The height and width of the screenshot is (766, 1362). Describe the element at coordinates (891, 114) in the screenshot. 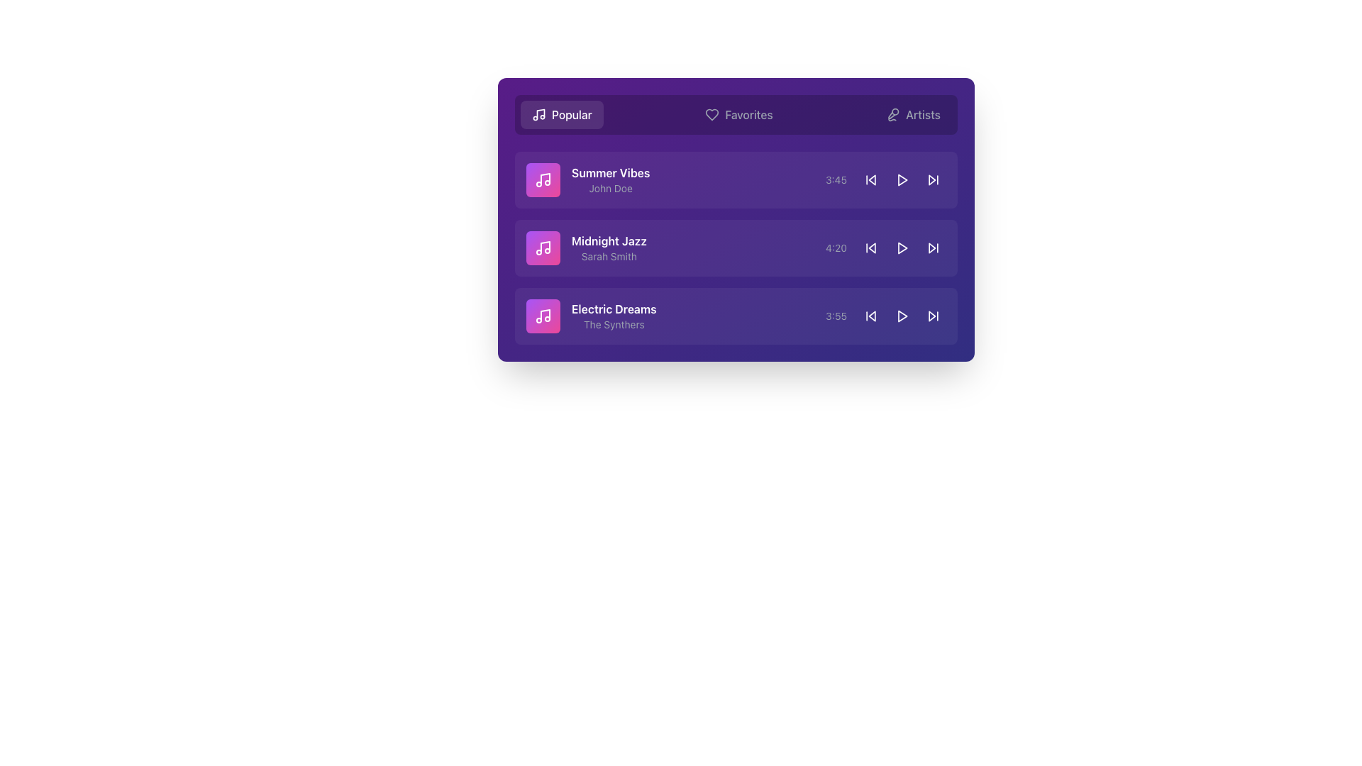

I see `the vocal microphone icon located at the top-right corner of the display interface, adjacent to the 'Artists' label` at that location.